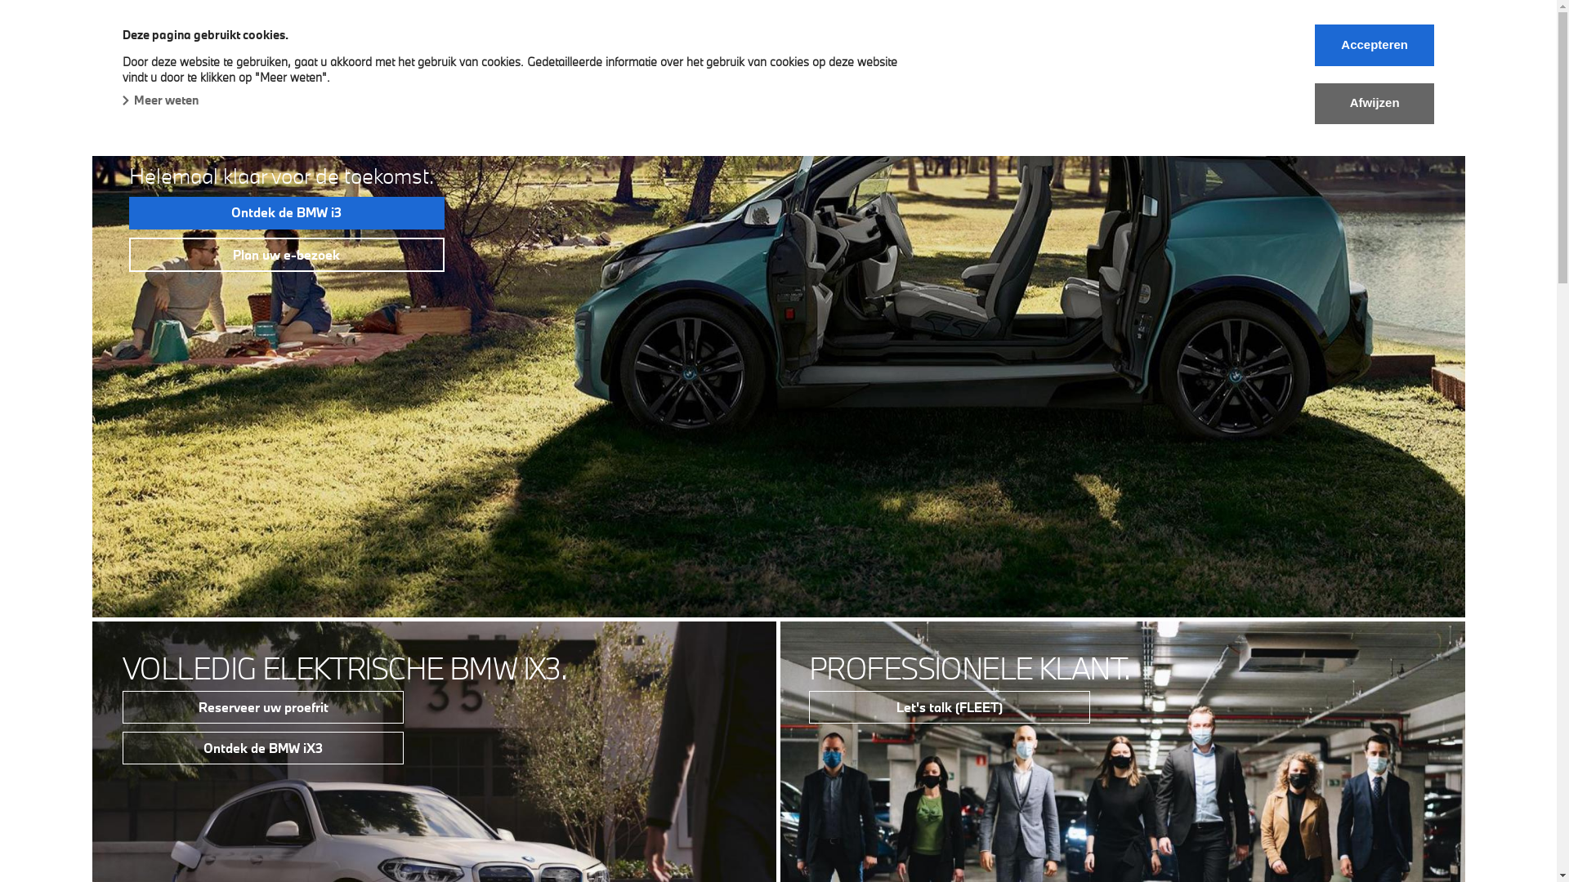 This screenshot has height=882, width=1569. Describe the element at coordinates (286, 255) in the screenshot. I see `'Plan uw e-bezoek'` at that location.